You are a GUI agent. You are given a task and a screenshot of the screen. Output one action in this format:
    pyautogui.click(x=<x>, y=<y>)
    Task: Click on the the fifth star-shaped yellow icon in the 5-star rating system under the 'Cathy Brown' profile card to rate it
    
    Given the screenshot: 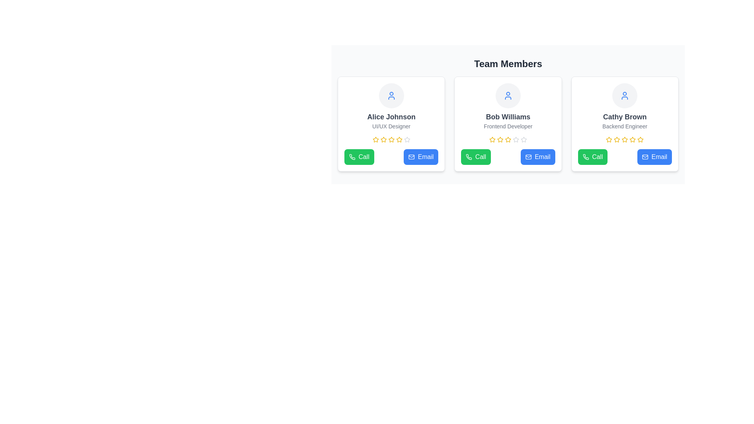 What is the action you would take?
    pyautogui.click(x=641, y=139)
    